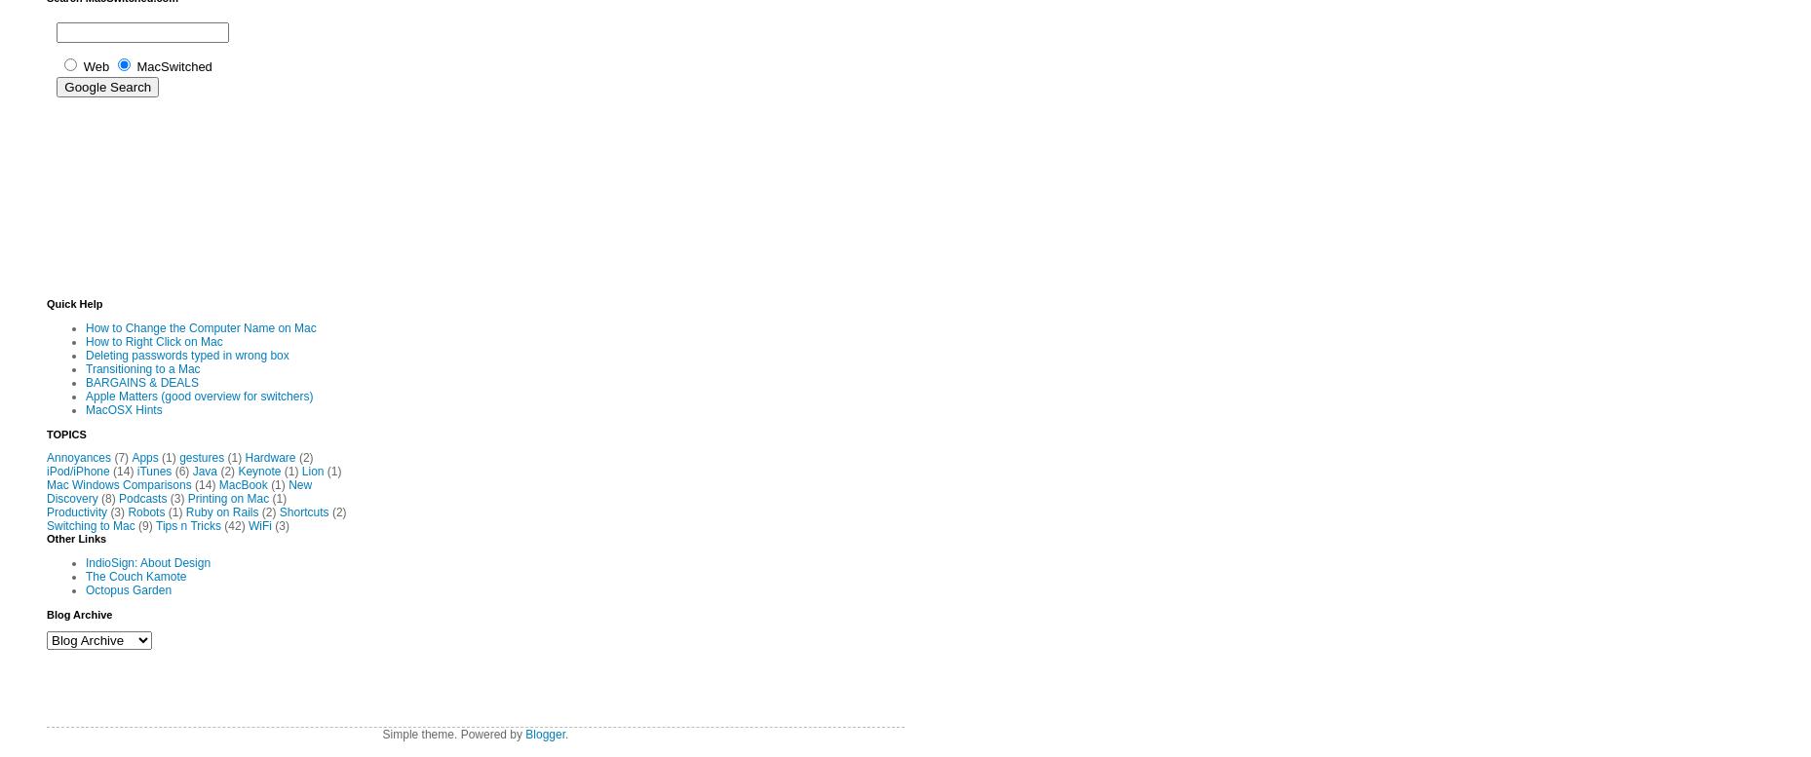 The height and width of the screenshot is (757, 1811). What do you see at coordinates (78, 456) in the screenshot?
I see `'Annoyances'` at bounding box center [78, 456].